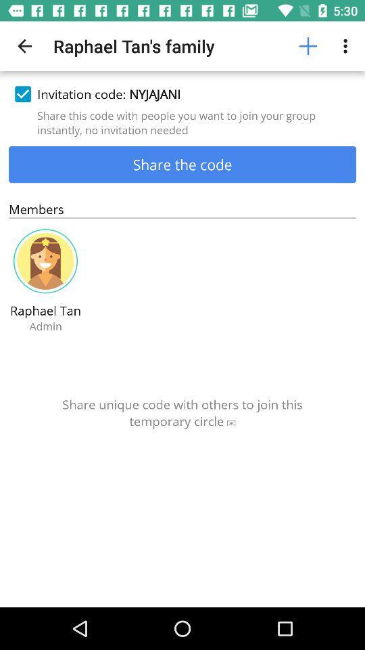 This screenshot has width=365, height=650. I want to click on the button which is below the raphael tans family, so click(182, 93).